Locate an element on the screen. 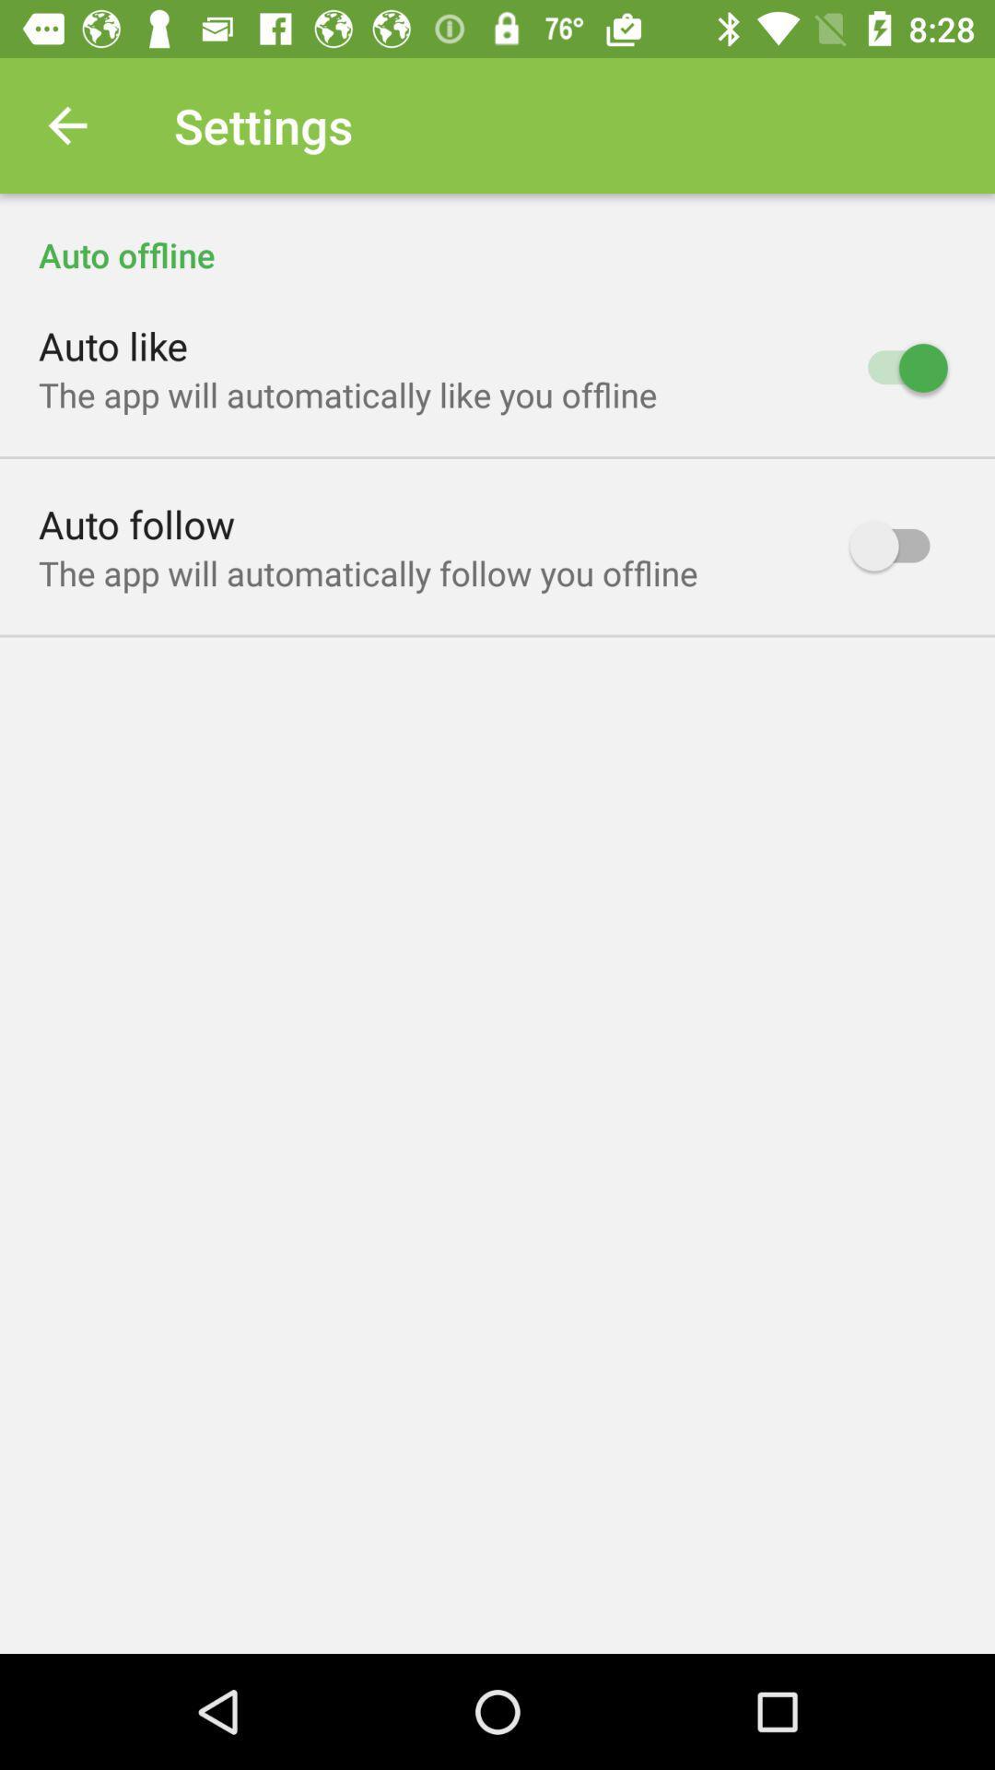 The width and height of the screenshot is (995, 1770). the auto follow item is located at coordinates (135, 523).